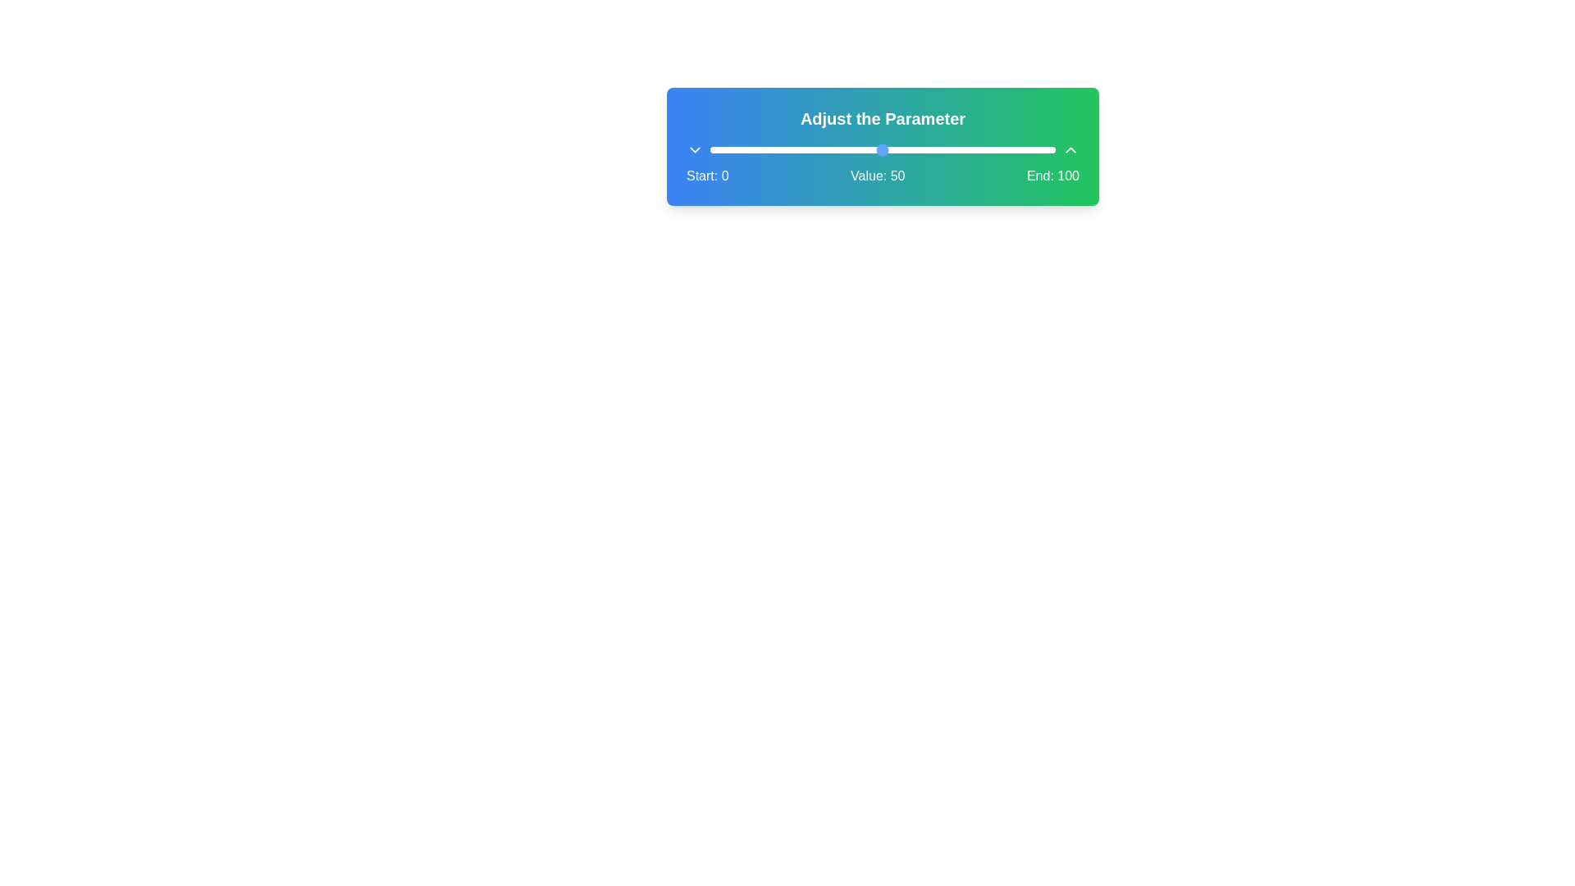 This screenshot has width=1575, height=886. I want to click on the slider value, so click(1006, 149).